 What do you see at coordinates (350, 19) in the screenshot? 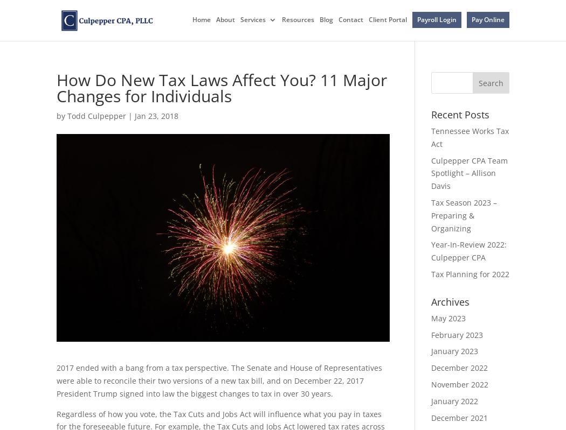
I see `'Contact'` at bounding box center [350, 19].